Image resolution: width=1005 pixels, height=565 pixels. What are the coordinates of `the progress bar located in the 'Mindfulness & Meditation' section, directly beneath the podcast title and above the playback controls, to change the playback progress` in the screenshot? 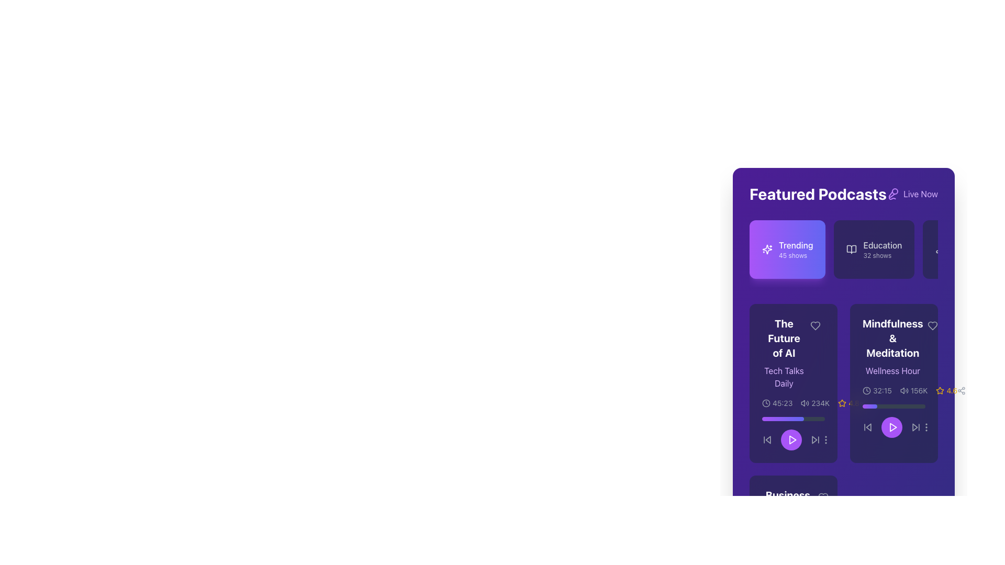 It's located at (894, 405).